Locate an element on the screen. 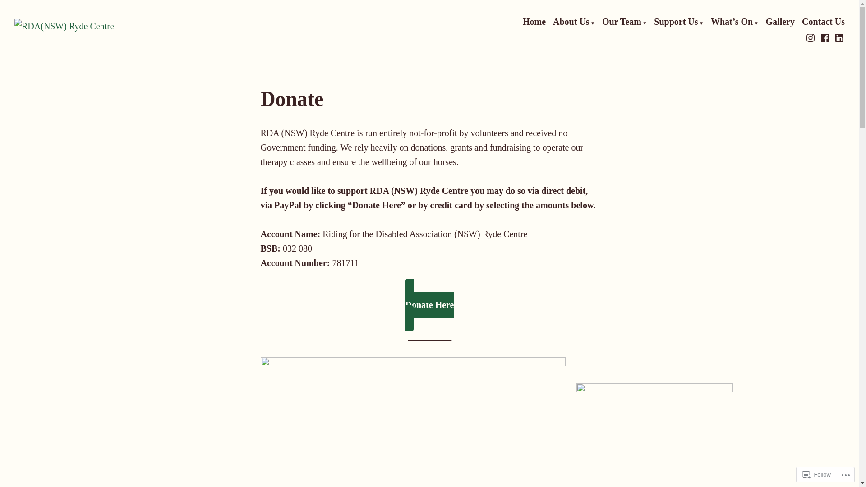 The width and height of the screenshot is (866, 487). 'Follow' is located at coordinates (799, 474).